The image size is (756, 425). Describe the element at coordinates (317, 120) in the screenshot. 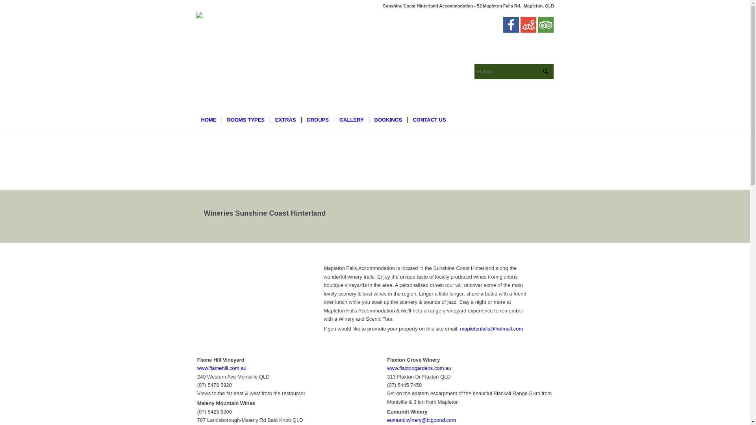

I see `'GROUPS'` at that location.